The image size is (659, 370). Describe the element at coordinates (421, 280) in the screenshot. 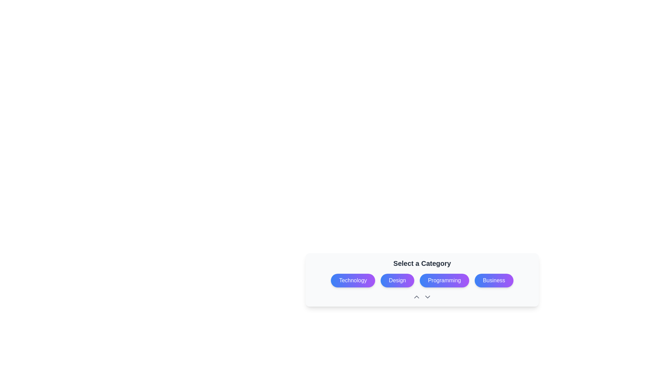

I see `the rounded rectangular button labeled 'Programming'` at that location.